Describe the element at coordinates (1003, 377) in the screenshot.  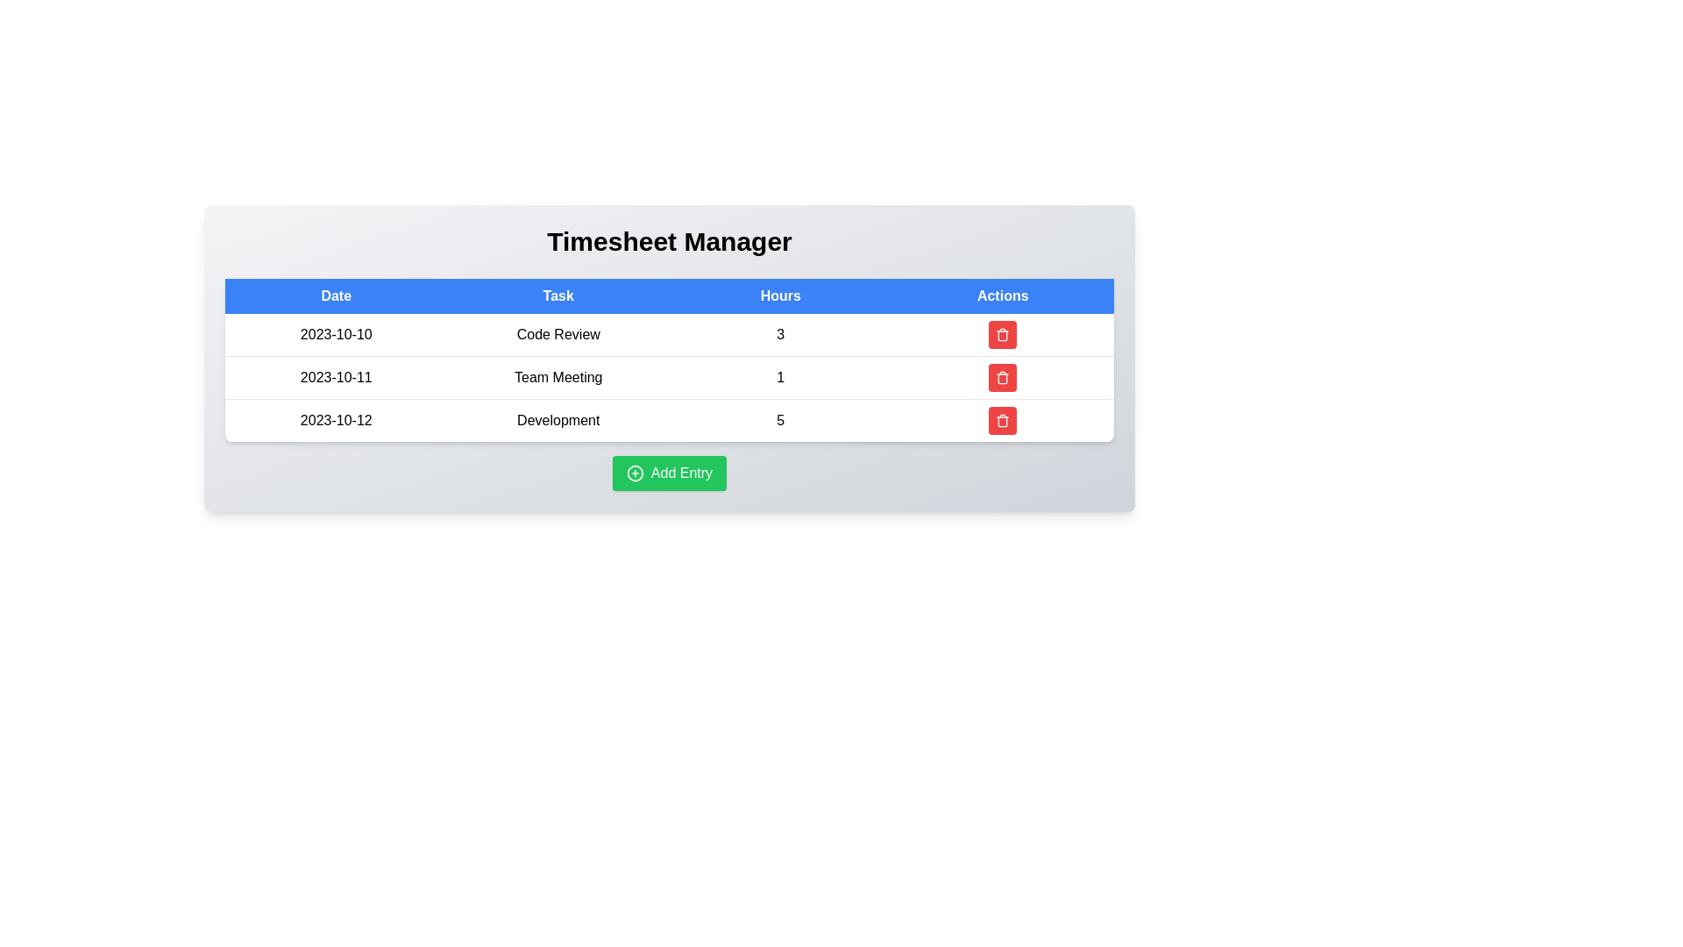
I see `the trash can icon button with a red background located in the 'Actions' column corresponding to the date '2023-10-10'` at that location.